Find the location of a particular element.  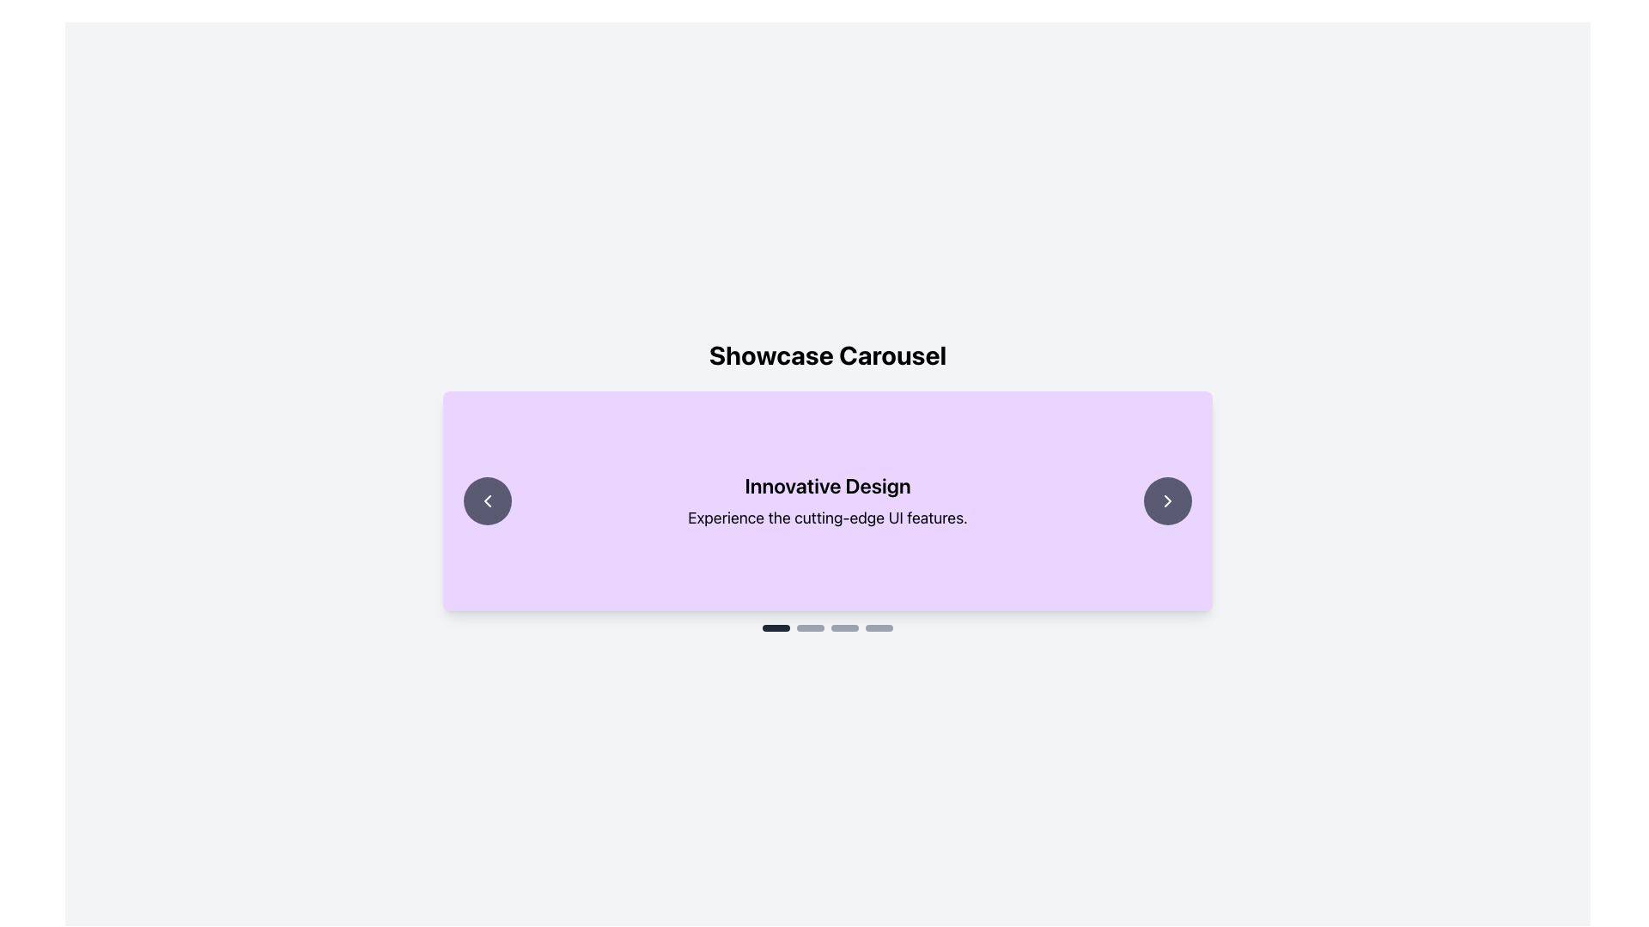

the Navigation Indicator, which consists of four horizontally aligned oblong shapes is located at coordinates (828, 628).